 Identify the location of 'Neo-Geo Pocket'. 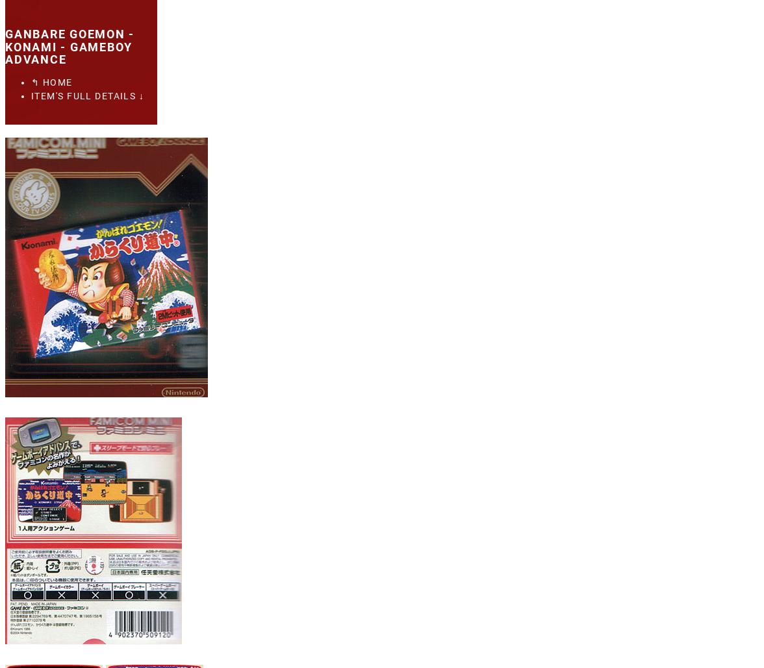
(108, 142).